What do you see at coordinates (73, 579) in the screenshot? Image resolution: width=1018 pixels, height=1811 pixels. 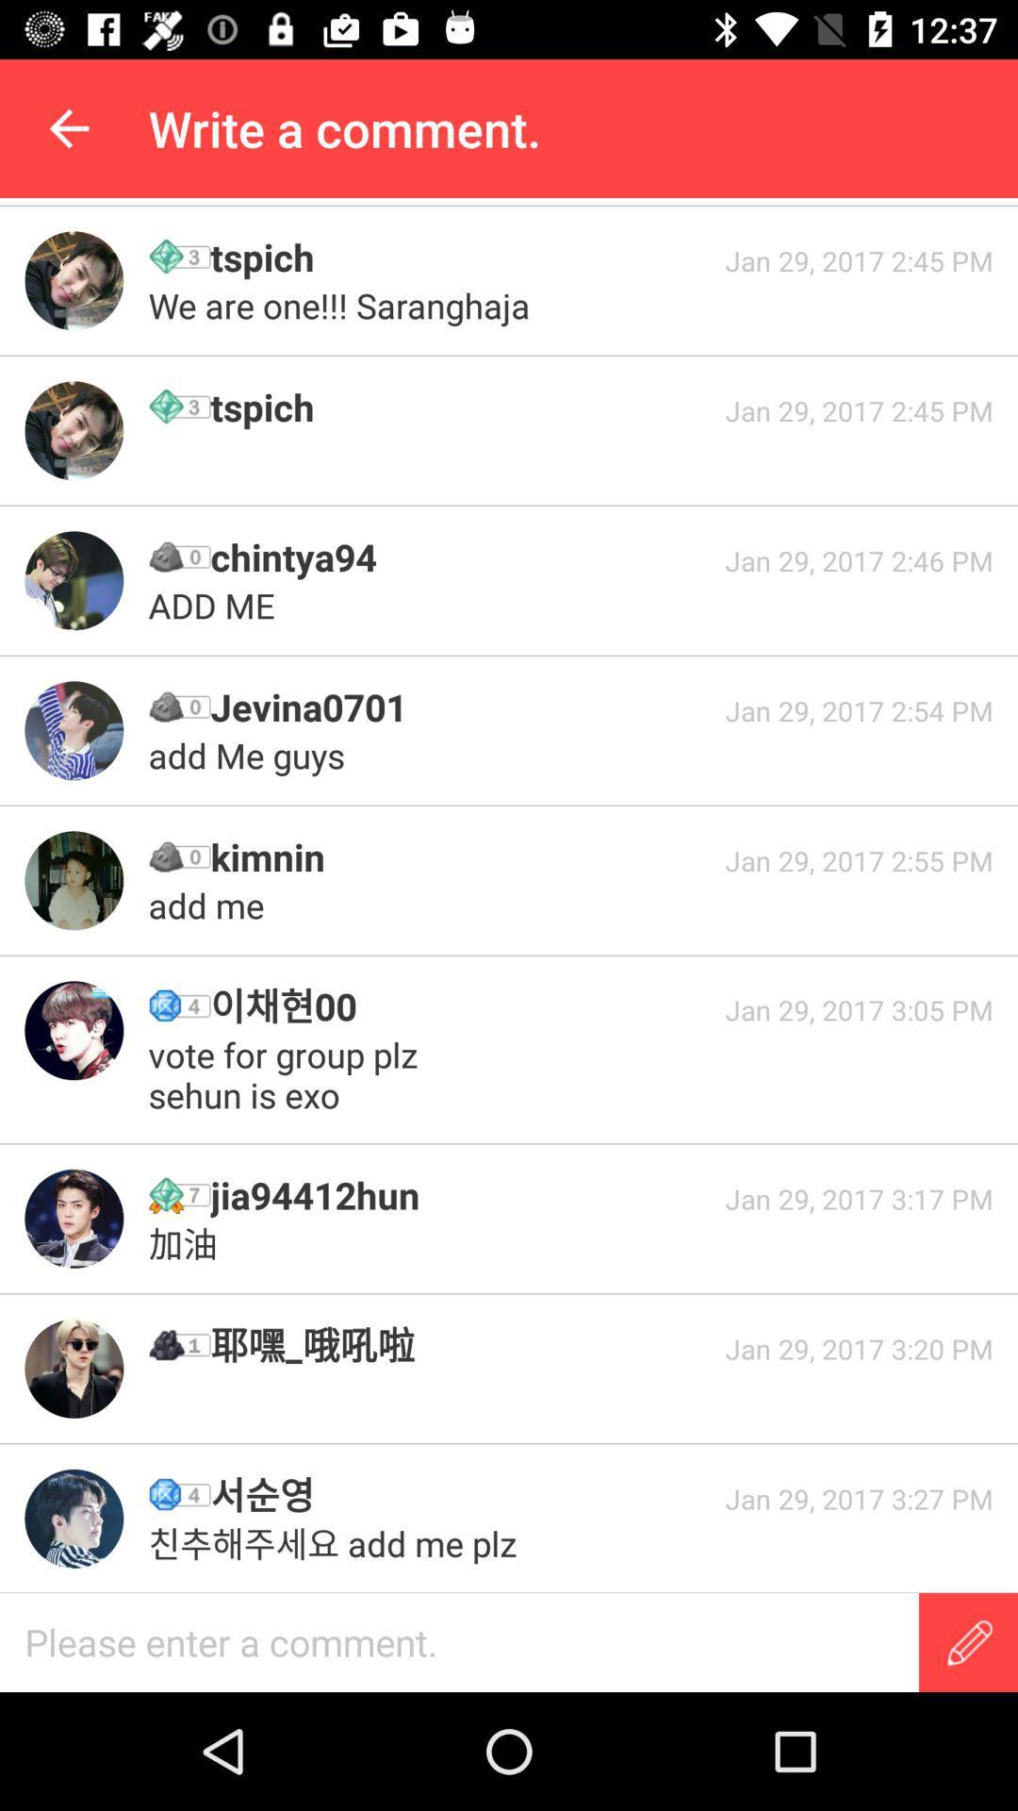 I see `open profile` at bounding box center [73, 579].